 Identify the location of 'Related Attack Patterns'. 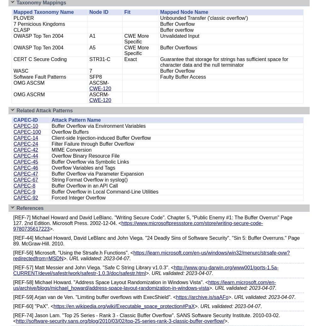
(44, 110).